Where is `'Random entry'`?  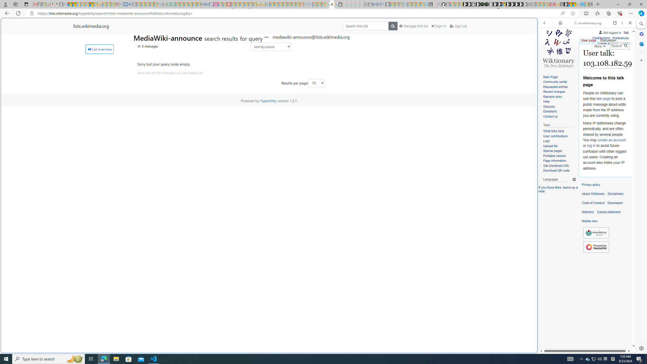 'Random entry' is located at coordinates (552, 97).